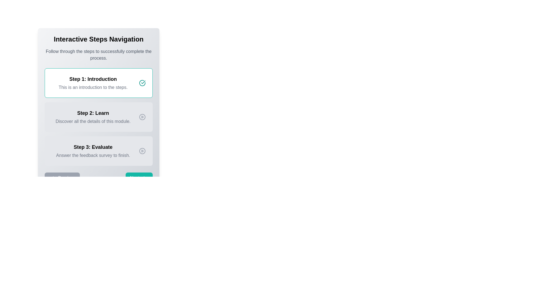 Image resolution: width=536 pixels, height=301 pixels. I want to click on the circular Play button, which is a gray hollow circle with a rightward triangular play symbol, located in the 'Step 2: Learn' section of the interactive steps navigation panel, so click(142, 117).